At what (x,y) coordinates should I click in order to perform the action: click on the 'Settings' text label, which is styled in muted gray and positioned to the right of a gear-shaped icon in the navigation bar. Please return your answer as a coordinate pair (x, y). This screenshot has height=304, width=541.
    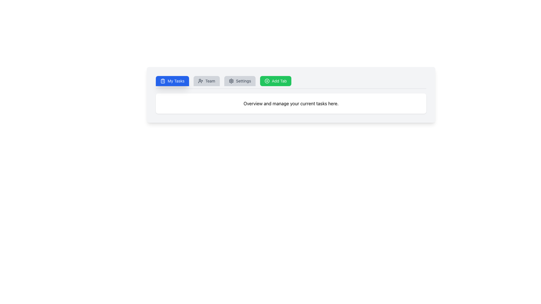
    Looking at the image, I should click on (243, 81).